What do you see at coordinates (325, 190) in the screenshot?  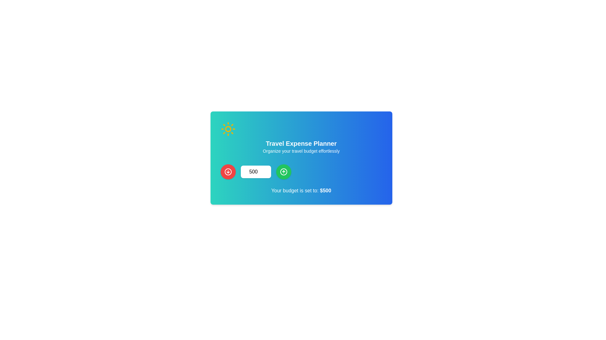 I see `the text label displaying '$500', which is styled in bold and located at the end of the sentence 'Your budget is set to: $500', near the bottom of a card with a gradient background` at bounding box center [325, 190].